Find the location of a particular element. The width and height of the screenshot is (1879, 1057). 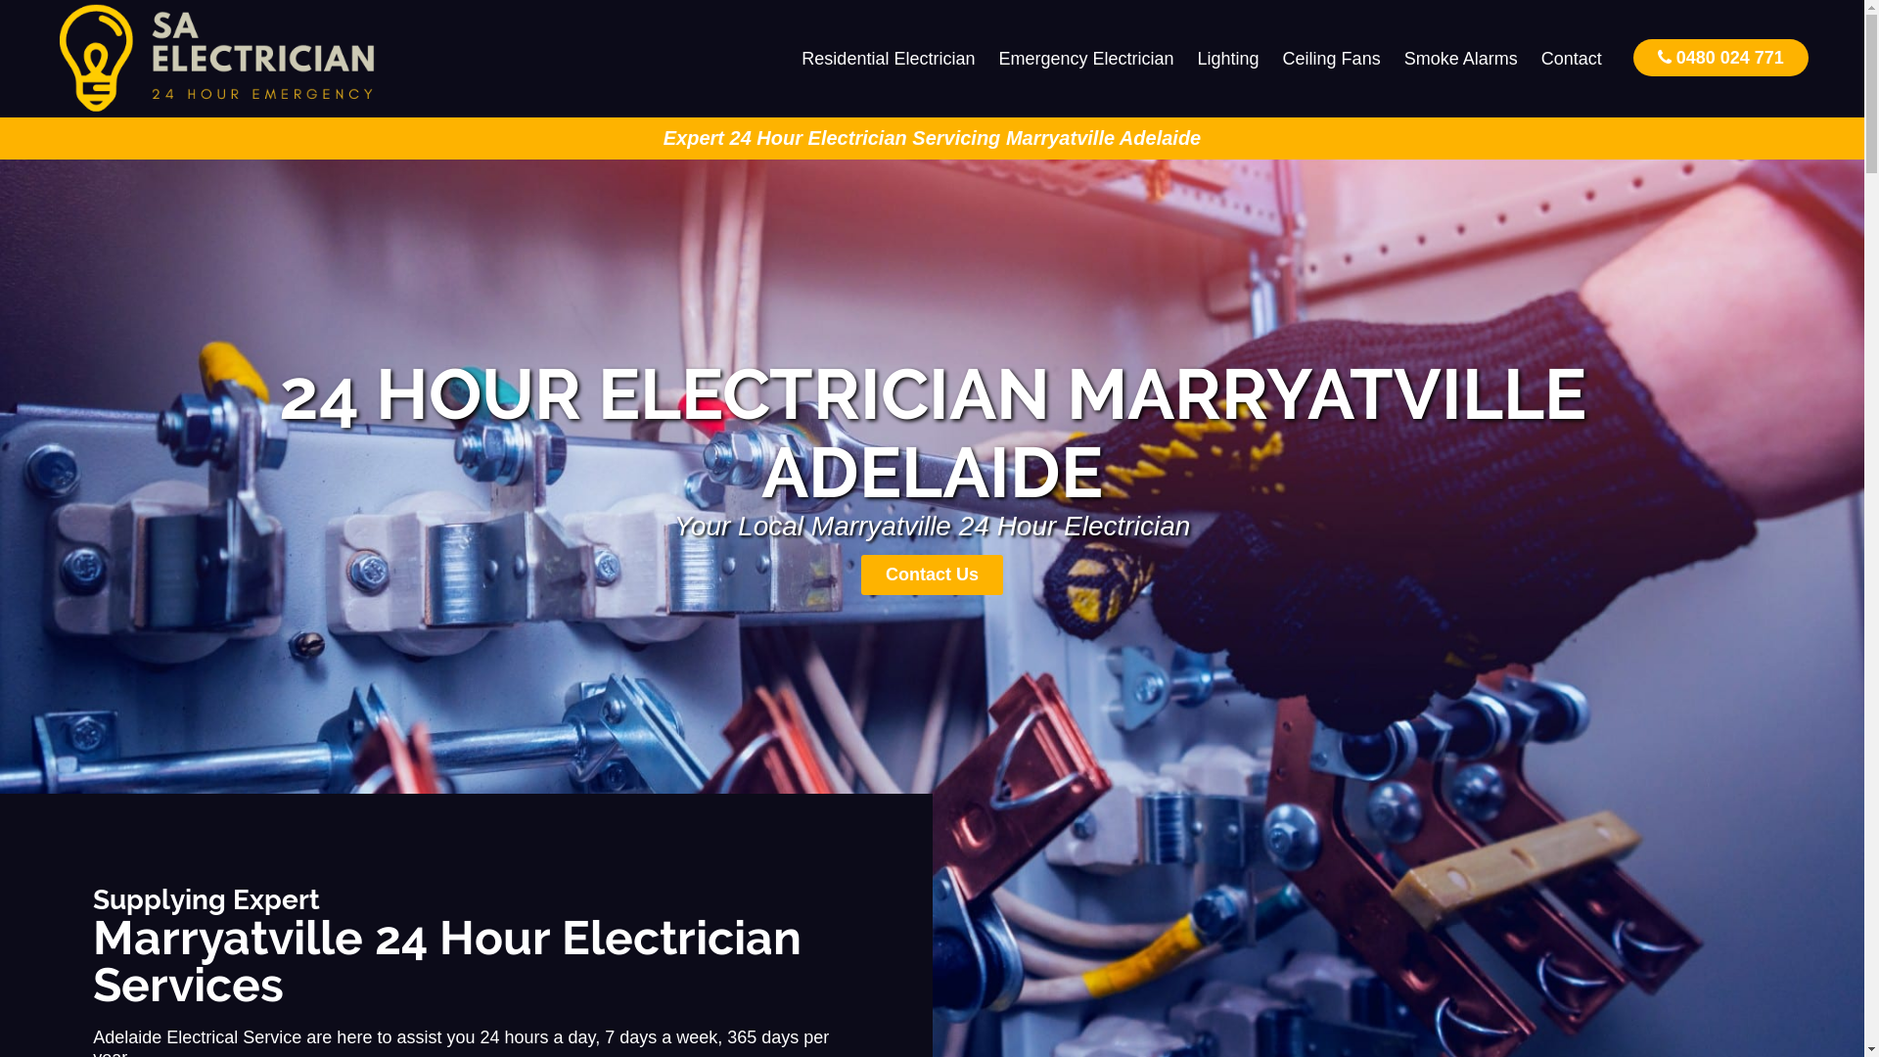

'Smoke Alarms' is located at coordinates (1460, 58).